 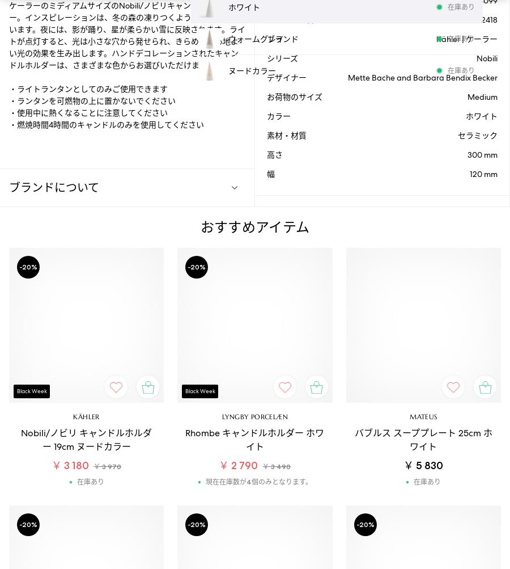 What do you see at coordinates (73, 416) in the screenshot?
I see `'Kähler'` at bounding box center [73, 416].